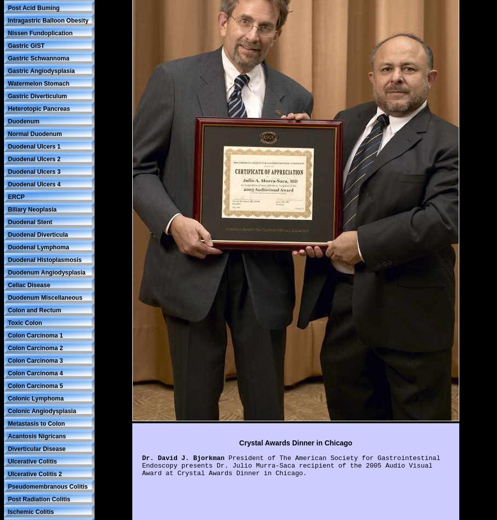 The height and width of the screenshot is (520, 497). What do you see at coordinates (36, 423) in the screenshot?
I see `'Metastasis to Colon'` at bounding box center [36, 423].